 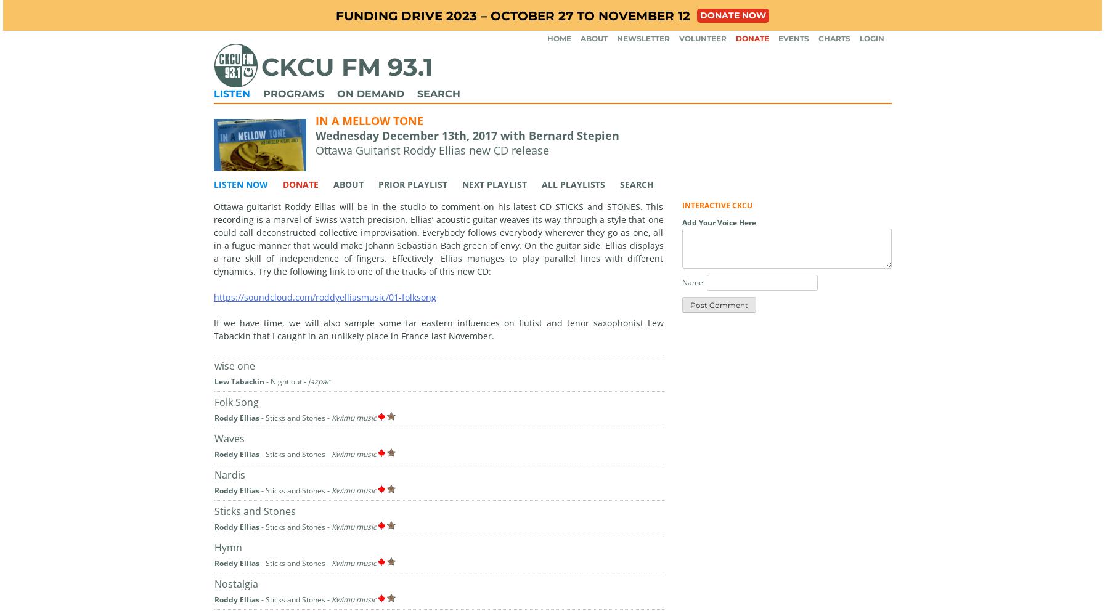 What do you see at coordinates (573, 184) in the screenshot?
I see `'All Playlists'` at bounding box center [573, 184].